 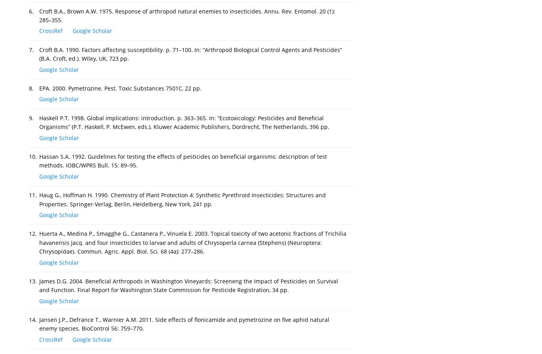 What do you see at coordinates (184, 122) in the screenshot?
I see `'Haskell P.T. 1998. Global implications: introduction. p. 363–365. In: “Ecotoxicology: Pesticides and Beneficial Organisms” (P.T. Haskell, P. McEwen, eds.). Kluwer Academic Publishers, Dordrecht, The Netherlands, 396 pp.'` at bounding box center [184, 122].